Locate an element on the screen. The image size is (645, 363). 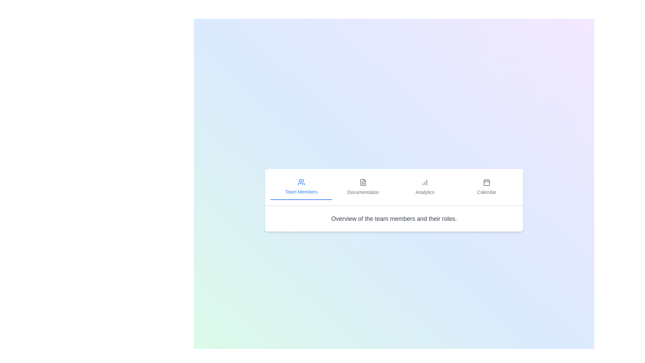
the Calendar tab to view its tooltip is located at coordinates (487, 187).